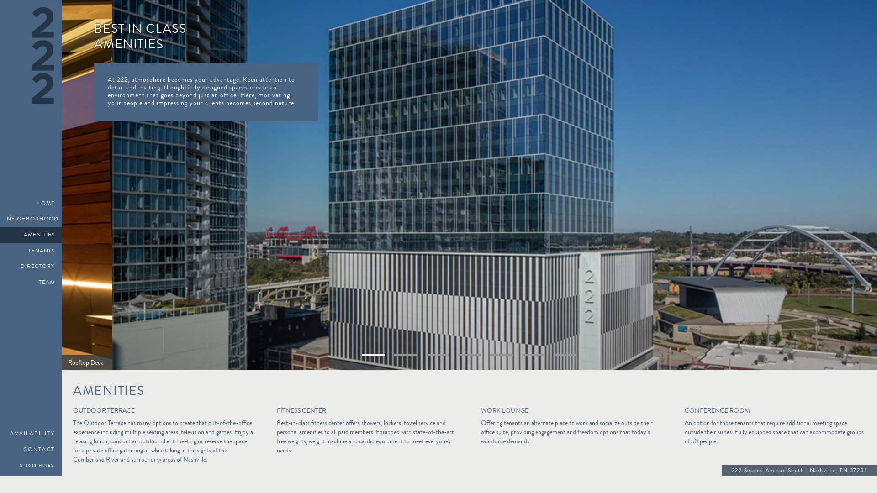 The image size is (877, 493). What do you see at coordinates (0, 234) in the screenshot?
I see `'AMENITIES'` at bounding box center [0, 234].